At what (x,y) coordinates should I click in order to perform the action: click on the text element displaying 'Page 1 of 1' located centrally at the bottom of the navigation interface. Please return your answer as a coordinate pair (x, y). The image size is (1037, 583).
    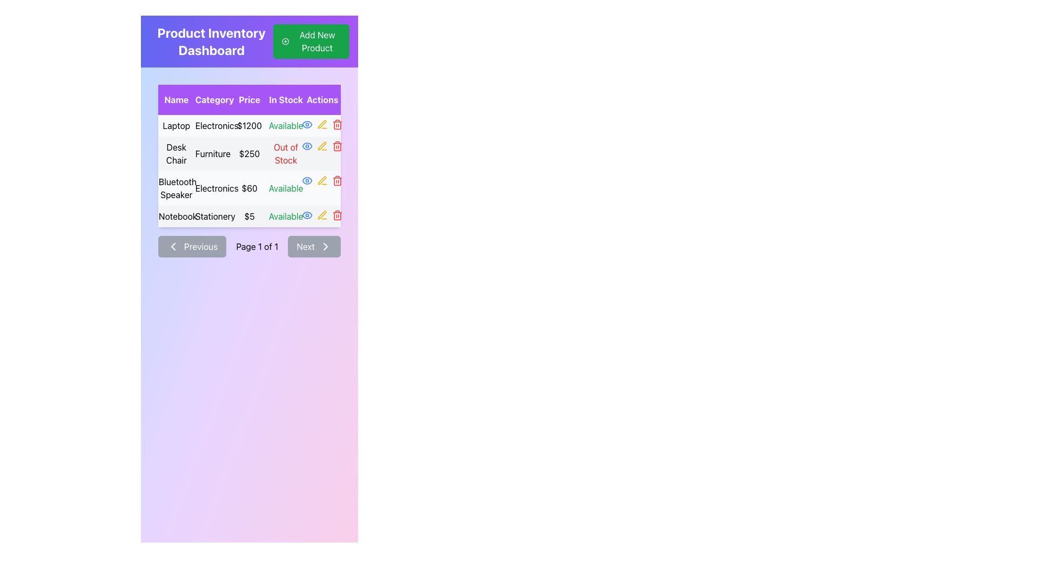
    Looking at the image, I should click on (257, 246).